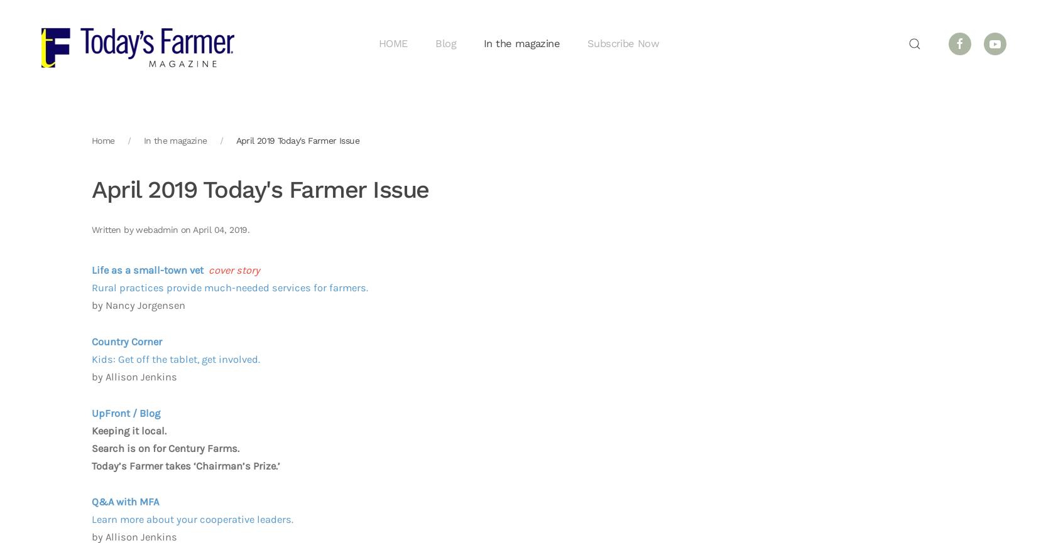 The image size is (1063, 543). What do you see at coordinates (192, 518) in the screenshot?
I see `'Learn more about your cooperative leaders.'` at bounding box center [192, 518].